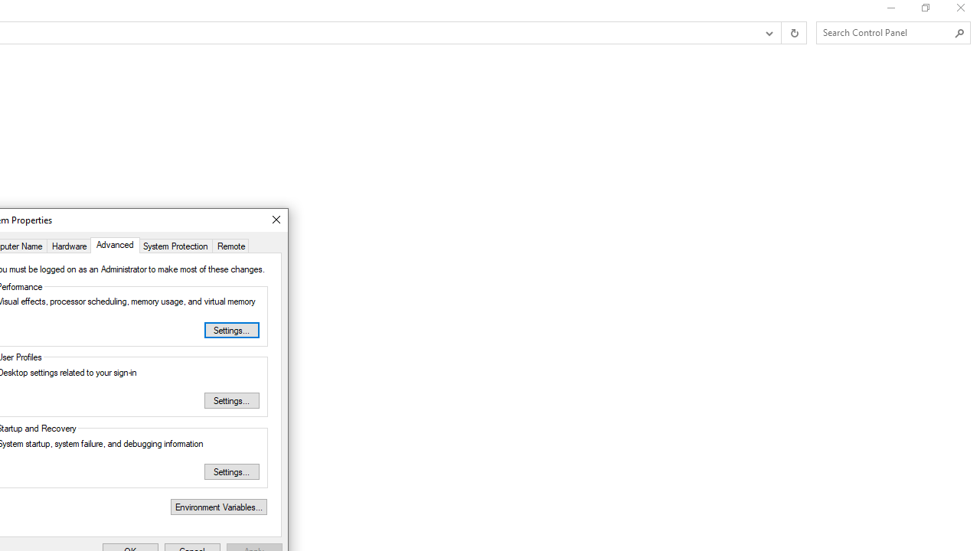  I want to click on 'System Protection', so click(175, 244).